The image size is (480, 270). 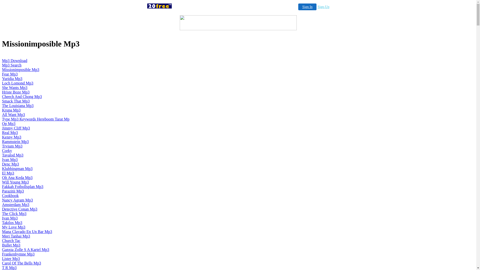 What do you see at coordinates (12, 222) in the screenshot?
I see `'Taktlos Mp3'` at bounding box center [12, 222].